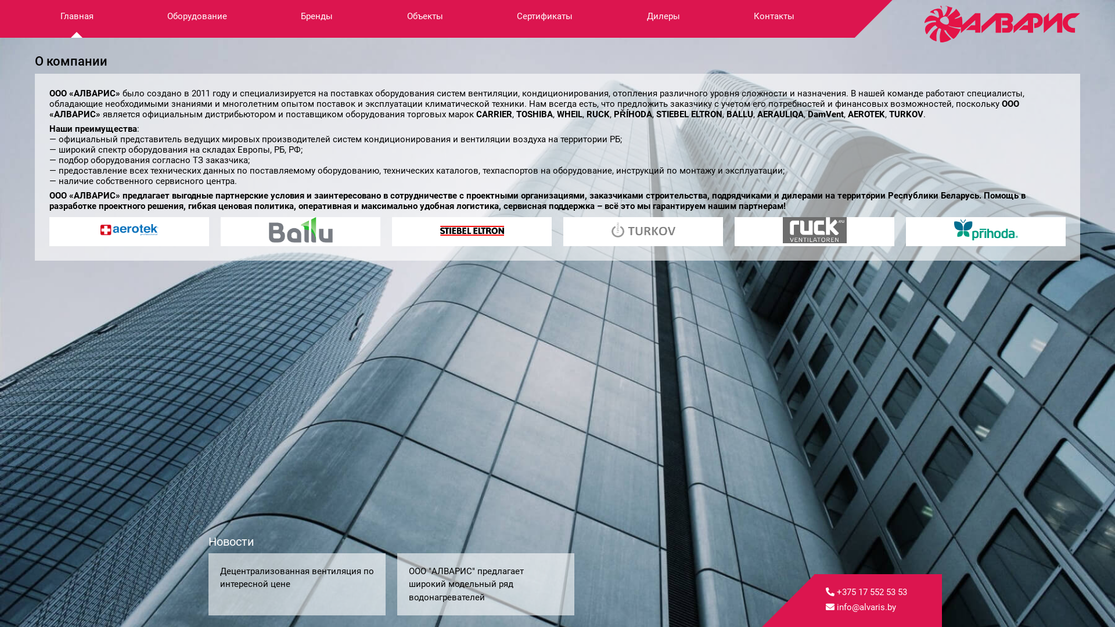  I want to click on '+375 17 552 53 53', so click(878, 592).